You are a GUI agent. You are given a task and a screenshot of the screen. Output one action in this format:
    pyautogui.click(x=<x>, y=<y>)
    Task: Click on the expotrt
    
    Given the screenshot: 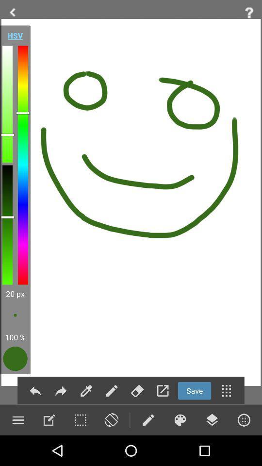 What is the action you would take?
    pyautogui.click(x=163, y=391)
    